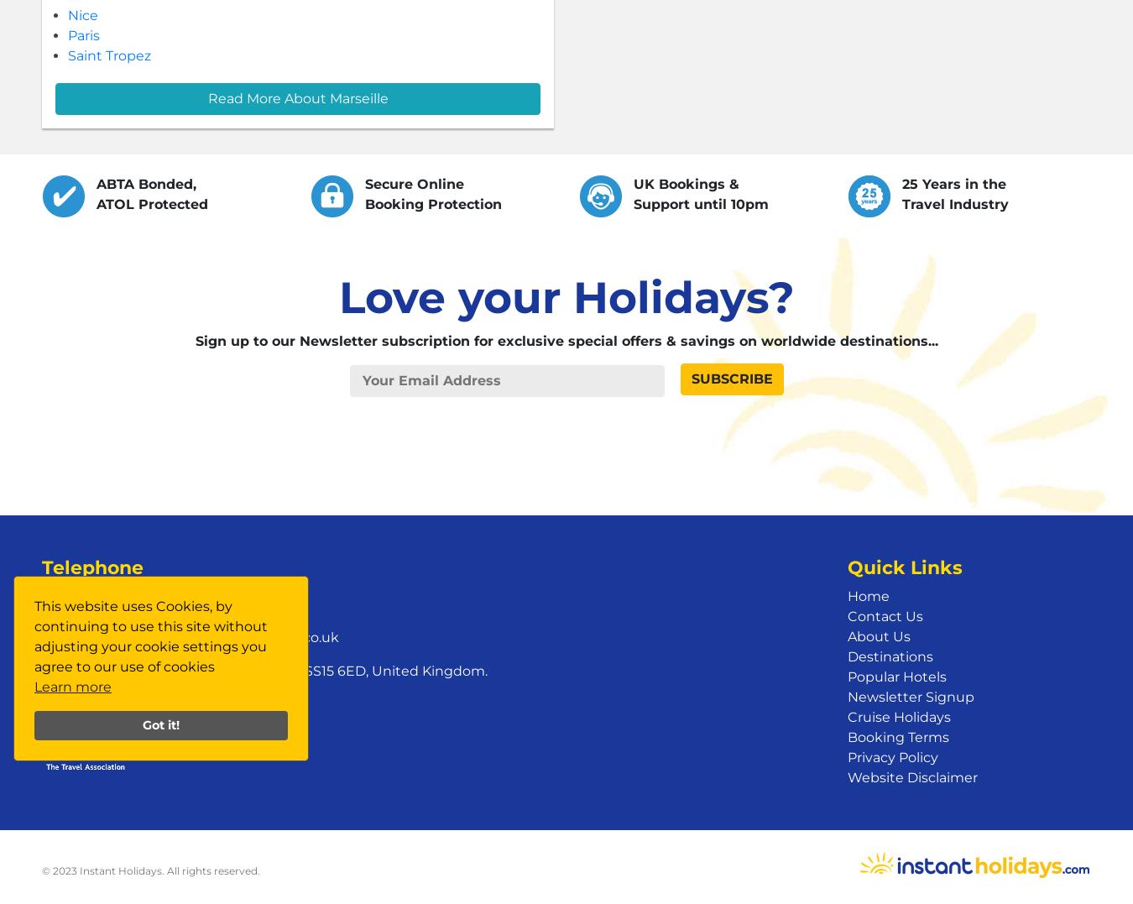  What do you see at coordinates (633, 184) in the screenshot?
I see `'UK Bookings &'` at bounding box center [633, 184].